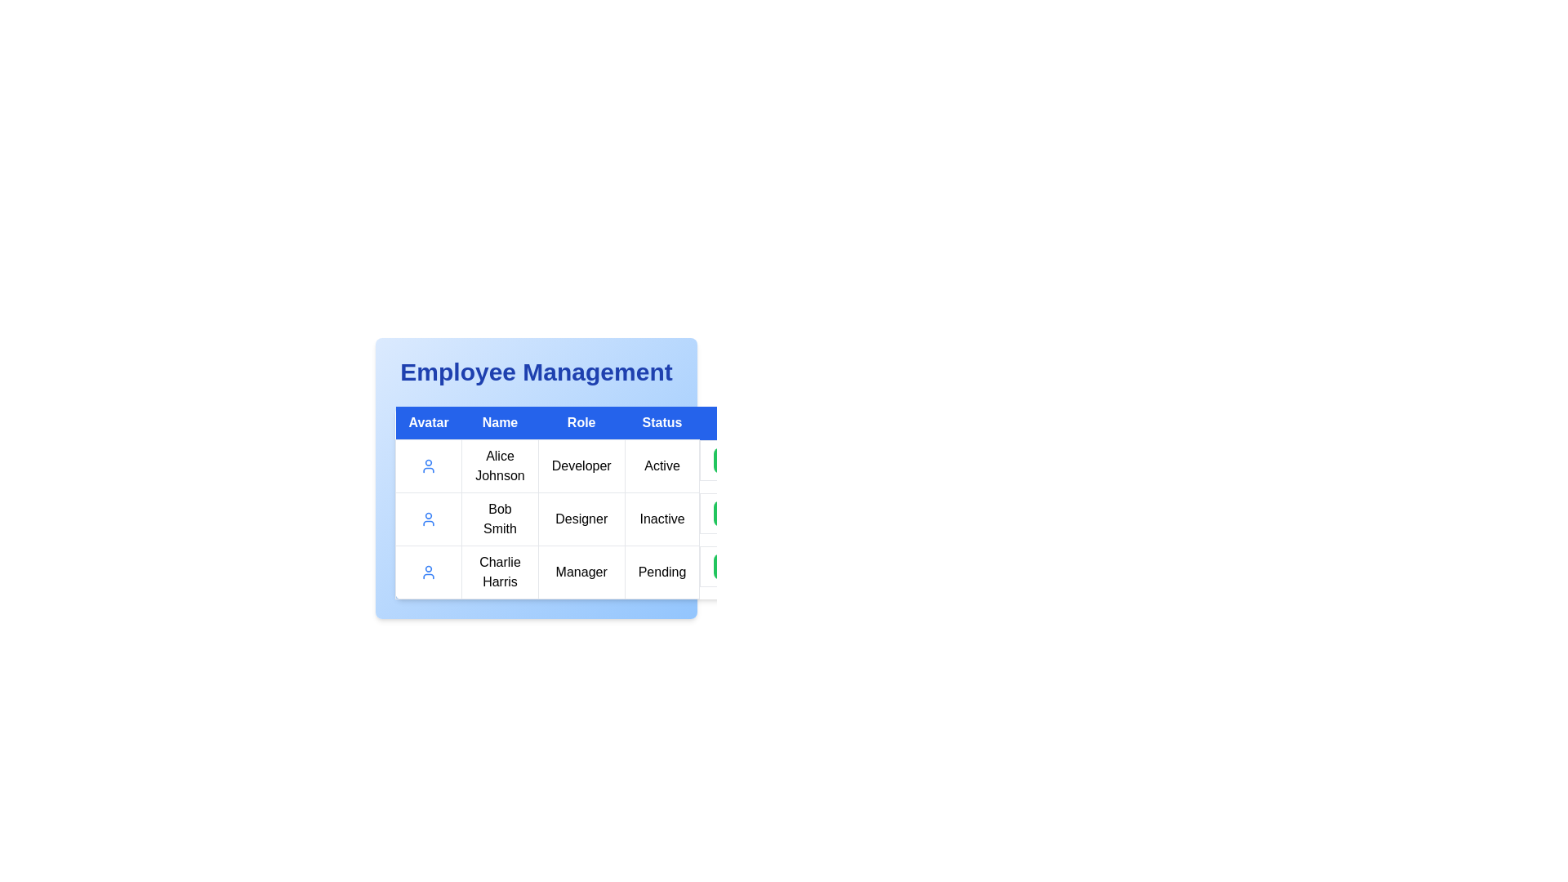 The image size is (1568, 882). I want to click on text label displaying 'Developer' located in the third column of the first row under the 'Role' header associated with 'Alice Johnson', so click(581, 465).